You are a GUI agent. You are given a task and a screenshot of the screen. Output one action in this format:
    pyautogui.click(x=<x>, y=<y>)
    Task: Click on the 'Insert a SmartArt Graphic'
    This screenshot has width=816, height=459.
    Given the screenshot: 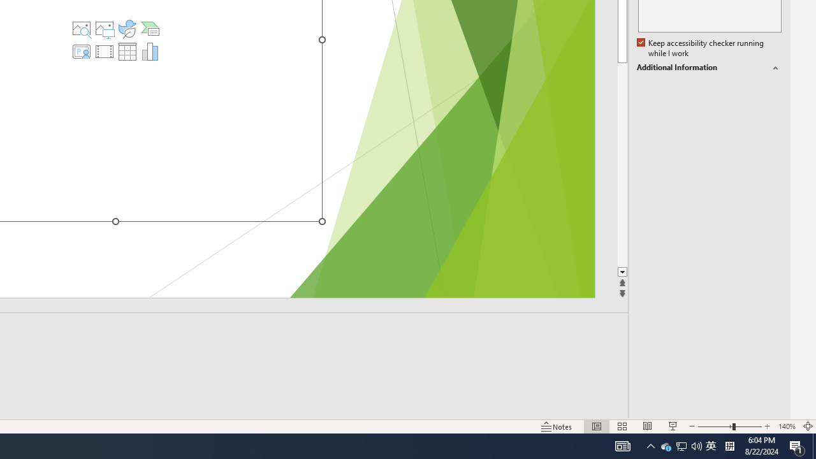 What is the action you would take?
    pyautogui.click(x=150, y=29)
    